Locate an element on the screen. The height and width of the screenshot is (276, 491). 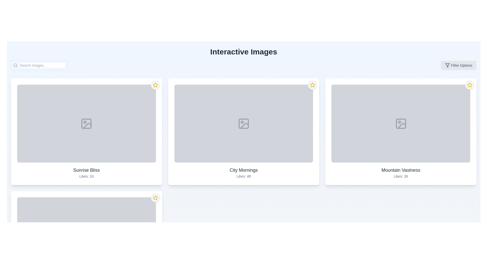
displayed information of the text element showing 'Likes: 36' located beneath the title 'Mountain Vastness' in the third card is located at coordinates (400, 176).